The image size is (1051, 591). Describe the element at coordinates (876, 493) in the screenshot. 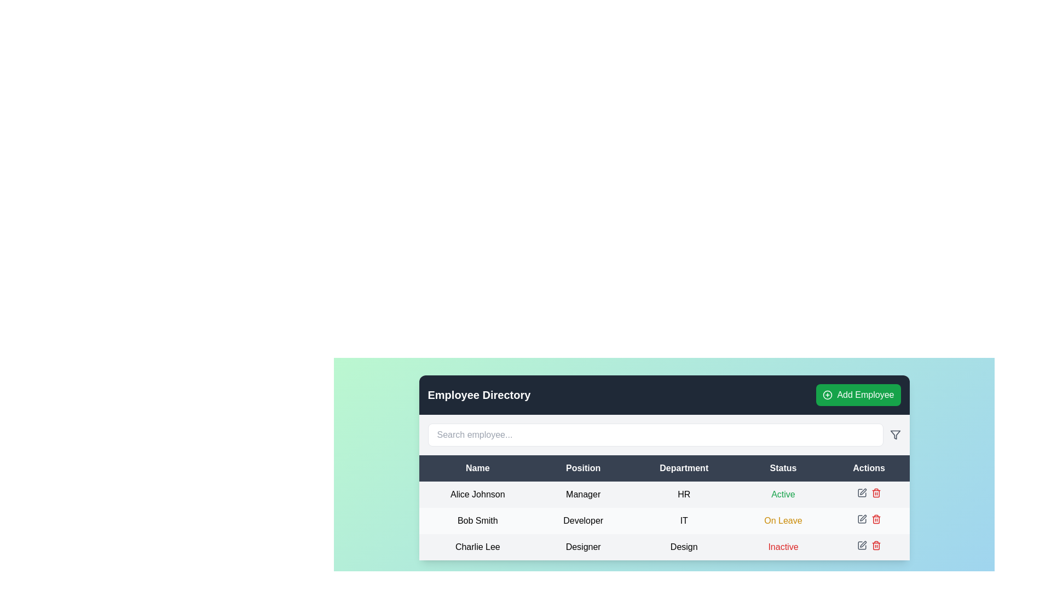

I see `the trash can icon in the 'Actions' column of the third row in the table` at that location.